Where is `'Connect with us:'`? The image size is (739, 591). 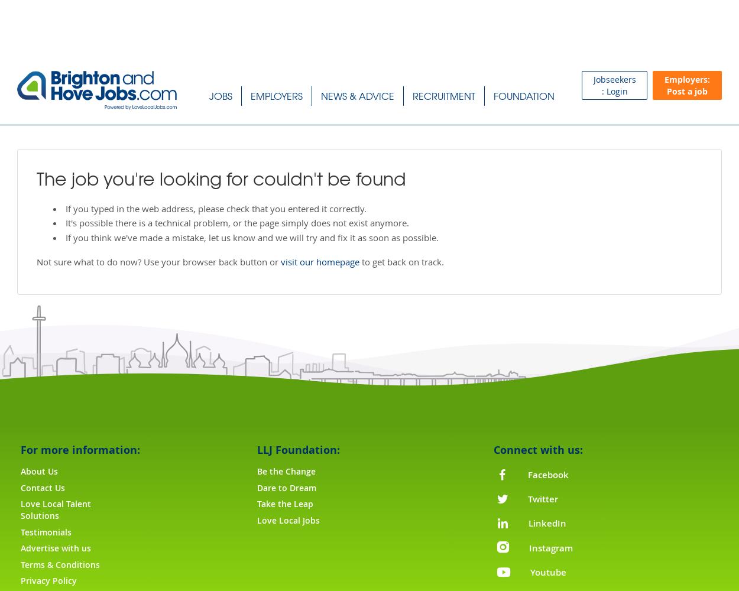
'Connect with us:' is located at coordinates (537, 449).